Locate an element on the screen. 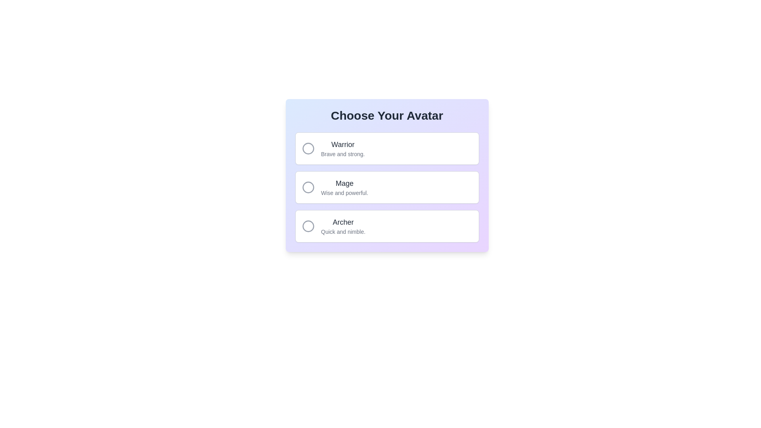 This screenshot has width=761, height=428. the static text element displaying 'Quick and nimble.' which is positioned below the 'Archer' text in the avatar choices list is located at coordinates (343, 232).